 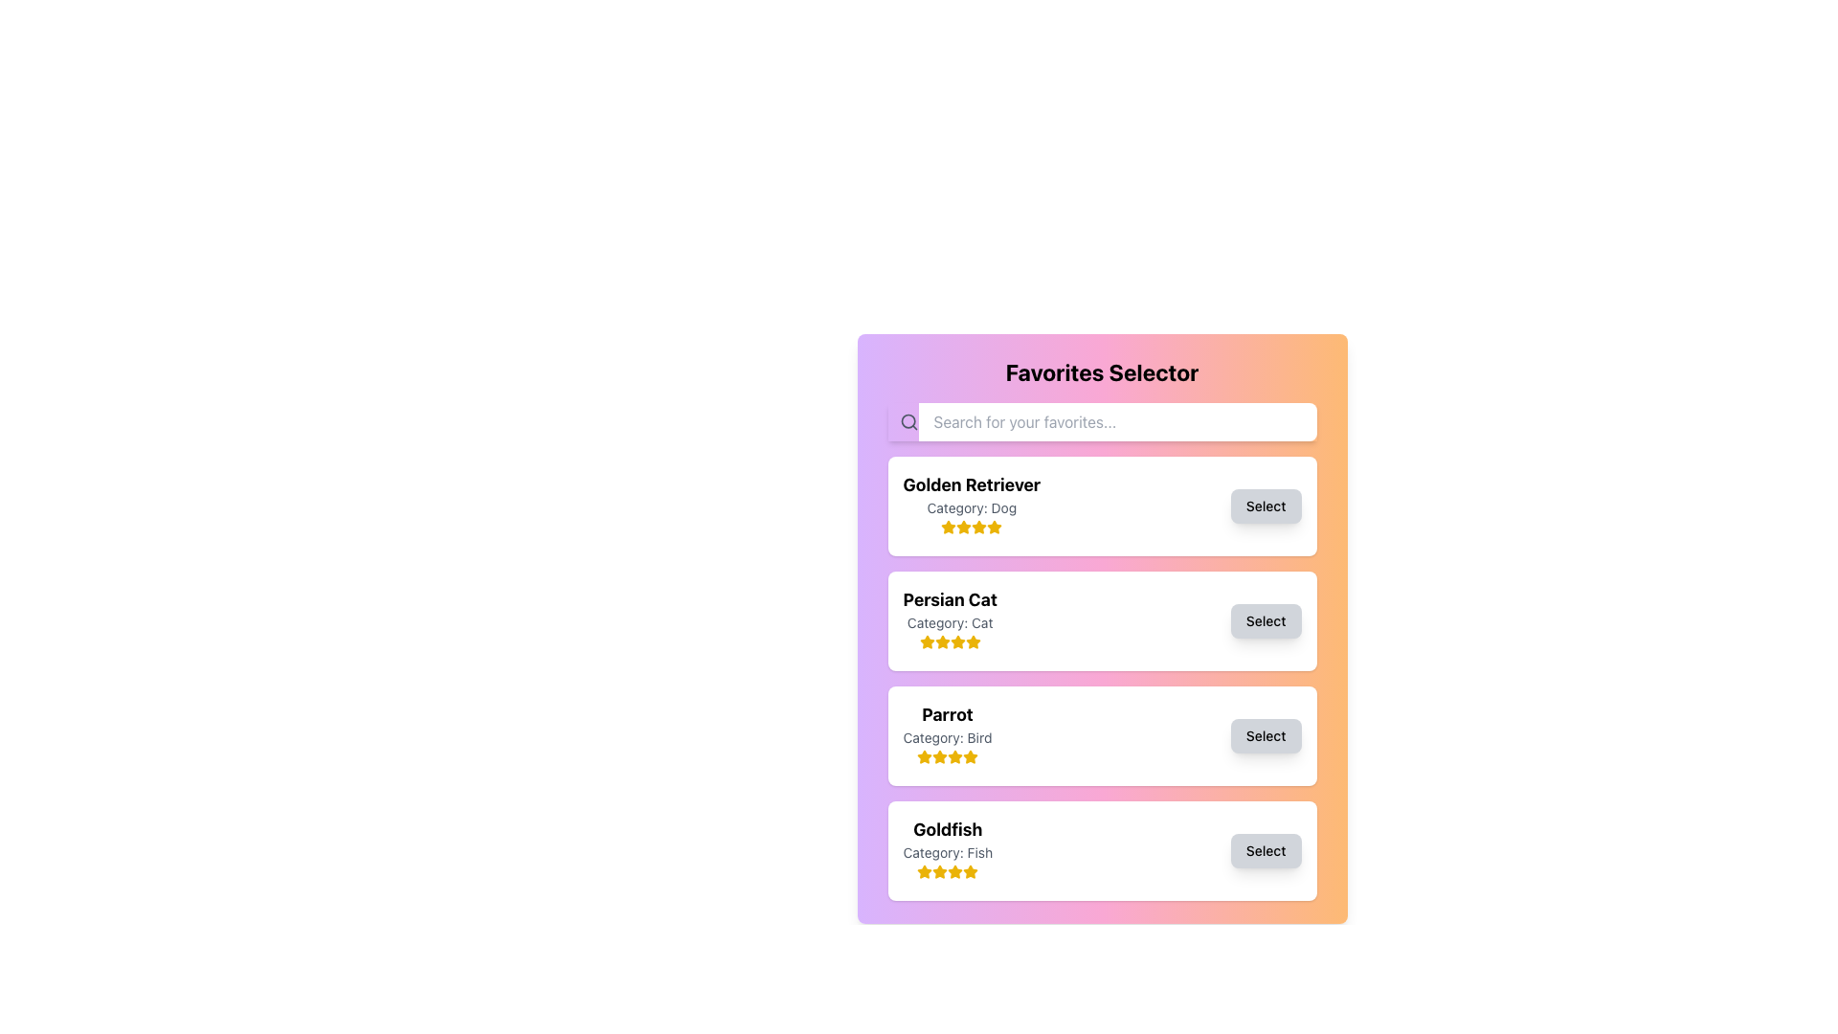 I want to click on the fourth star icon representing the rating for the 'Persian Cat' in the rating system, so click(x=973, y=642).